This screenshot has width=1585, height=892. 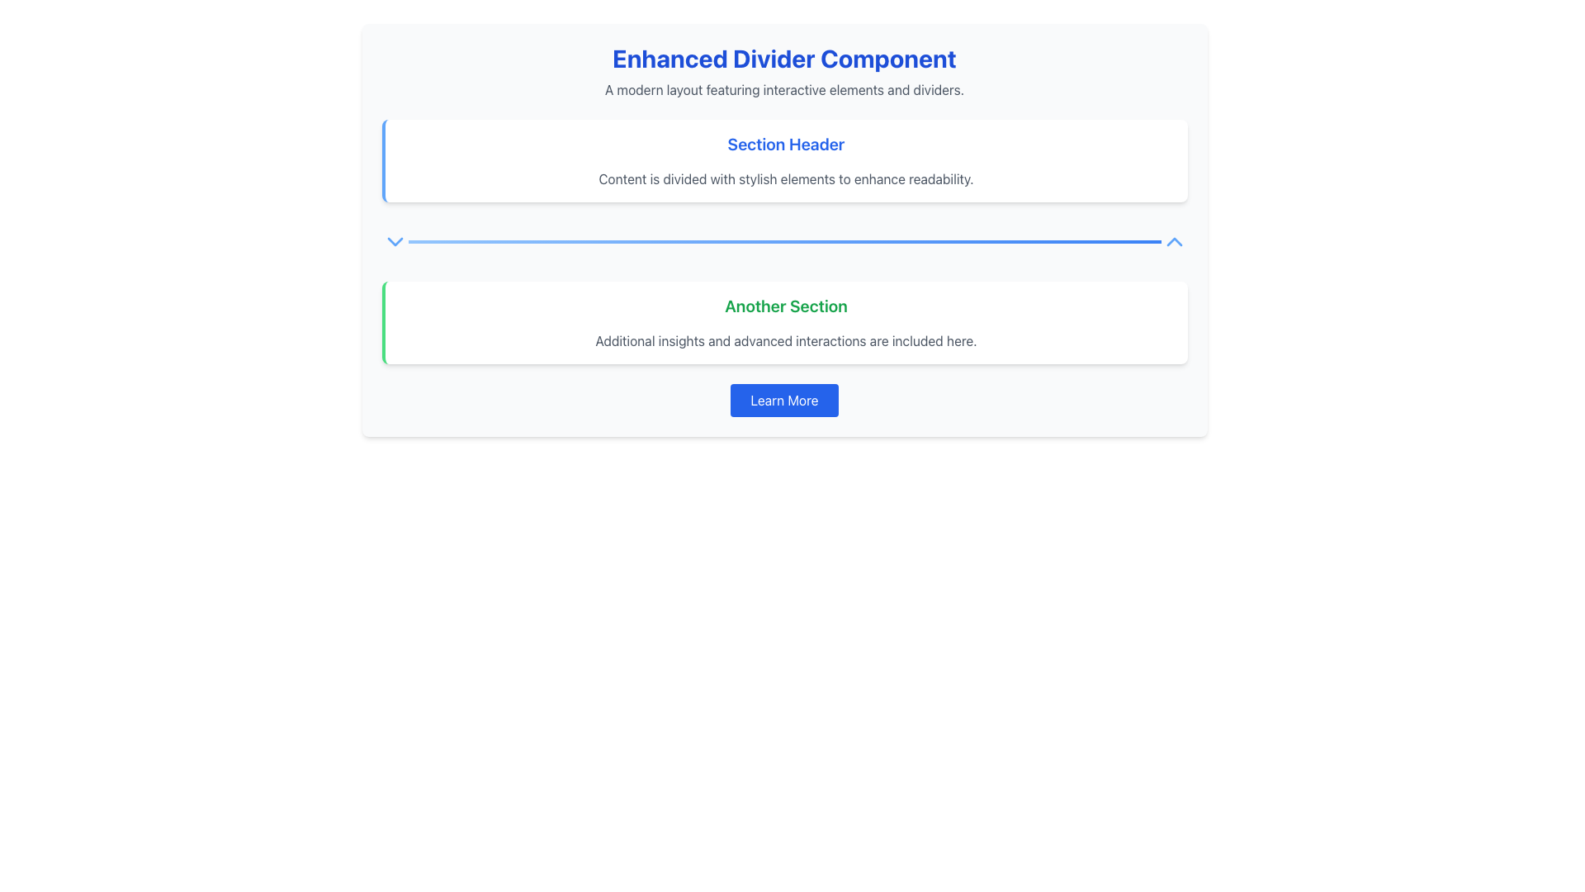 I want to click on the downward chevron icon that serves as a visual indicator for expandable or collapsible functionality, located centrally between the blue-highlighted 'Section Header' and the green-highlighted 'Another Section', so click(x=394, y=242).